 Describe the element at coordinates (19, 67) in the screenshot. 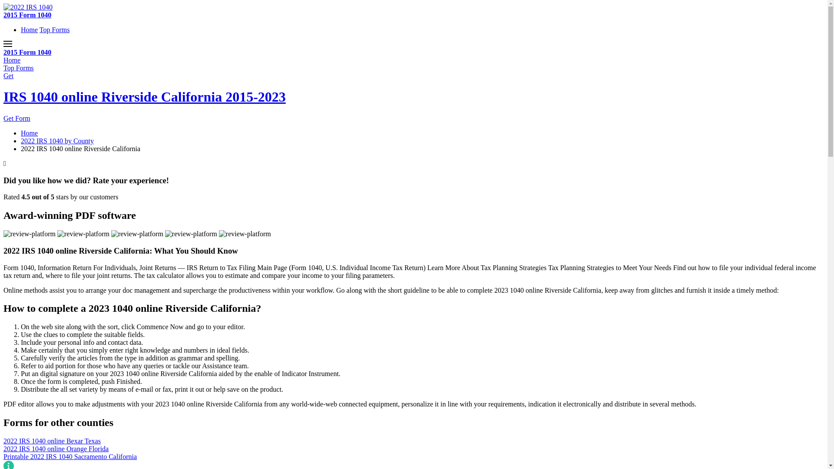

I see `'Top Forms'` at that location.